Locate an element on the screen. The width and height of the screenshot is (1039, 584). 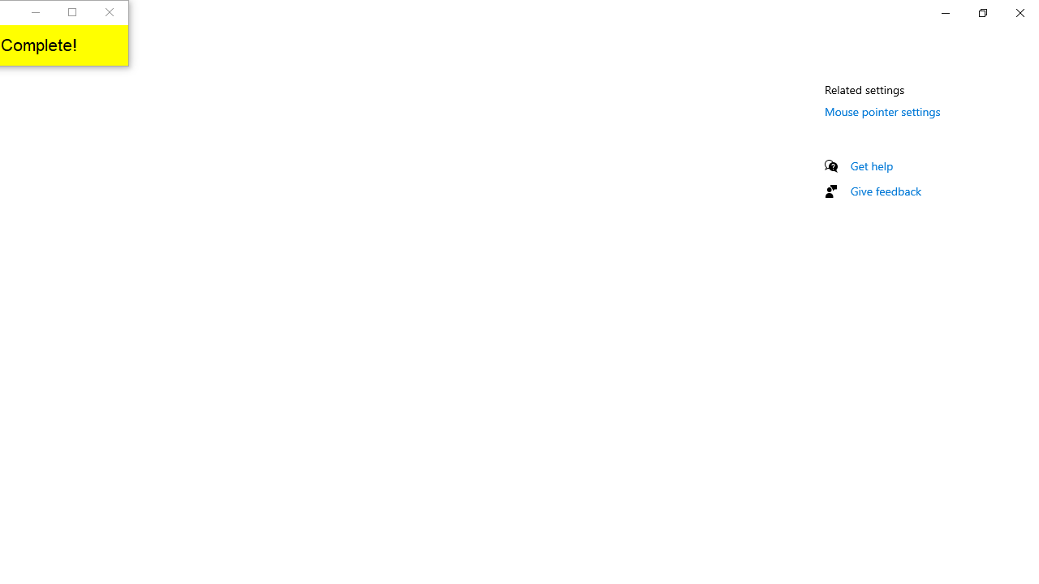
'Give feedback' is located at coordinates (885, 190).